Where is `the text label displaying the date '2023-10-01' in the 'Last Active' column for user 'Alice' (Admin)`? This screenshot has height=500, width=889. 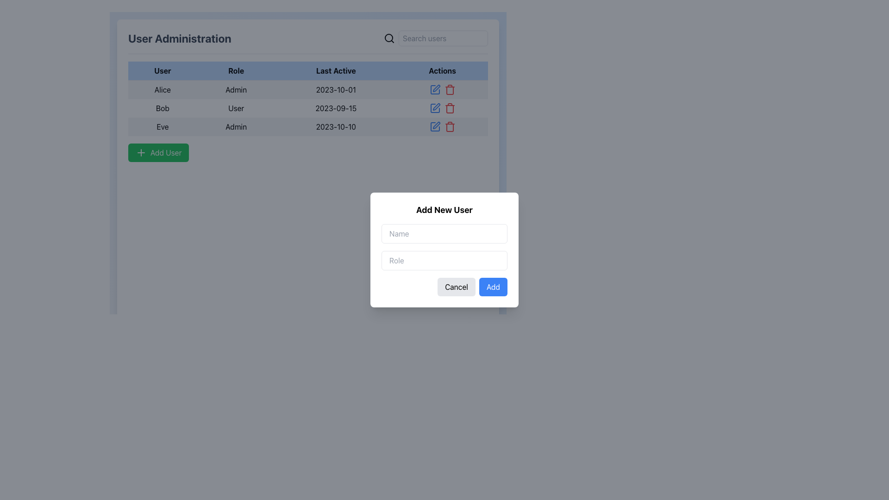
the text label displaying the date '2023-10-01' in the 'Last Active' column for user 'Alice' (Admin) is located at coordinates (335, 89).